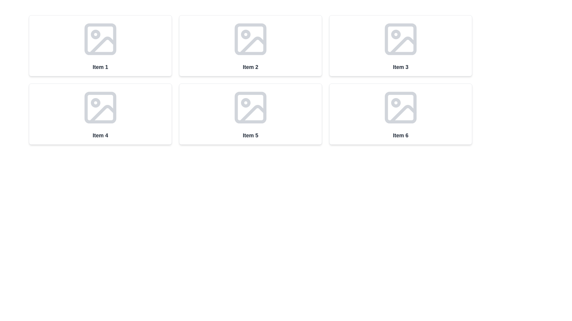 The height and width of the screenshot is (321, 572). What do you see at coordinates (100, 67) in the screenshot?
I see `the 'Item 1' text label, which is a large, bold, dark gray label located in the lower section of the first card in a 2x3 grid layout` at bounding box center [100, 67].